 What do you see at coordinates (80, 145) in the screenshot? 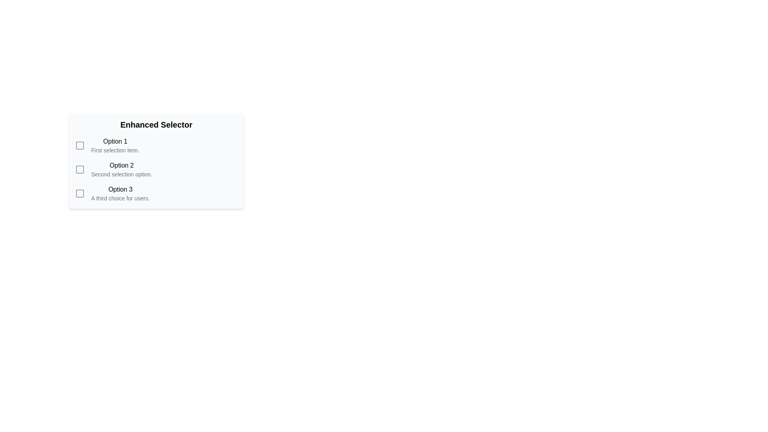
I see `the checkbox that allows users to select or deselect 'Option 1' by moving the cursor to its center point` at bounding box center [80, 145].